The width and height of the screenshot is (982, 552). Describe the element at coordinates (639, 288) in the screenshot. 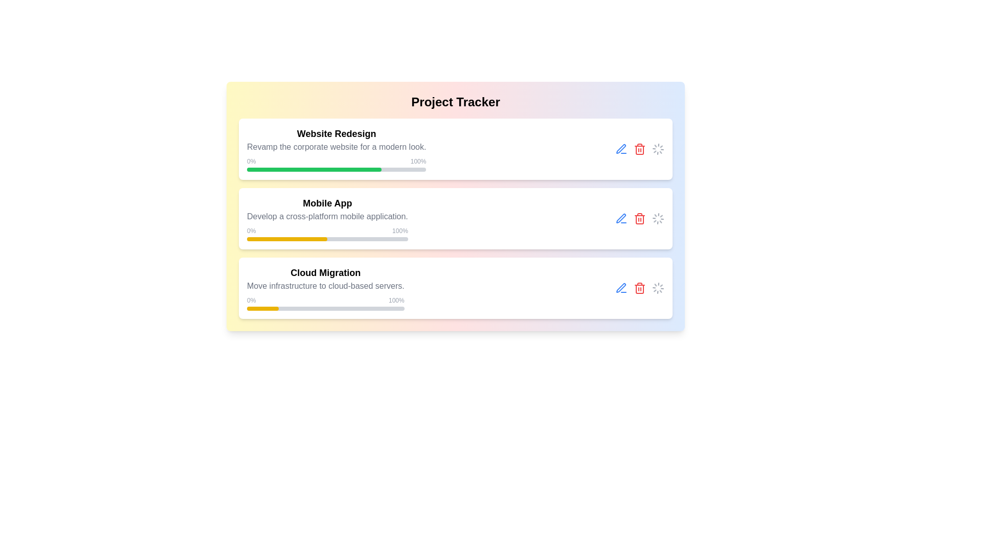

I see `delete button for the project named Cloud Migration` at that location.